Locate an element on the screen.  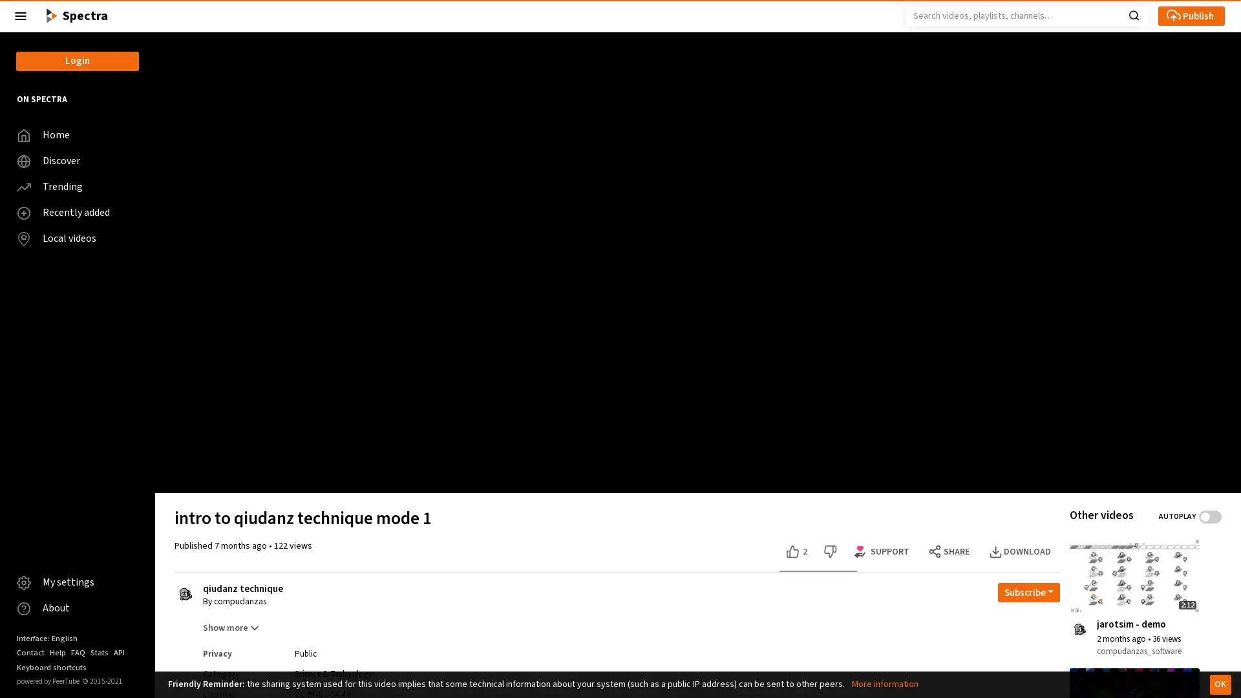
Search is located at coordinates (1133, 14).